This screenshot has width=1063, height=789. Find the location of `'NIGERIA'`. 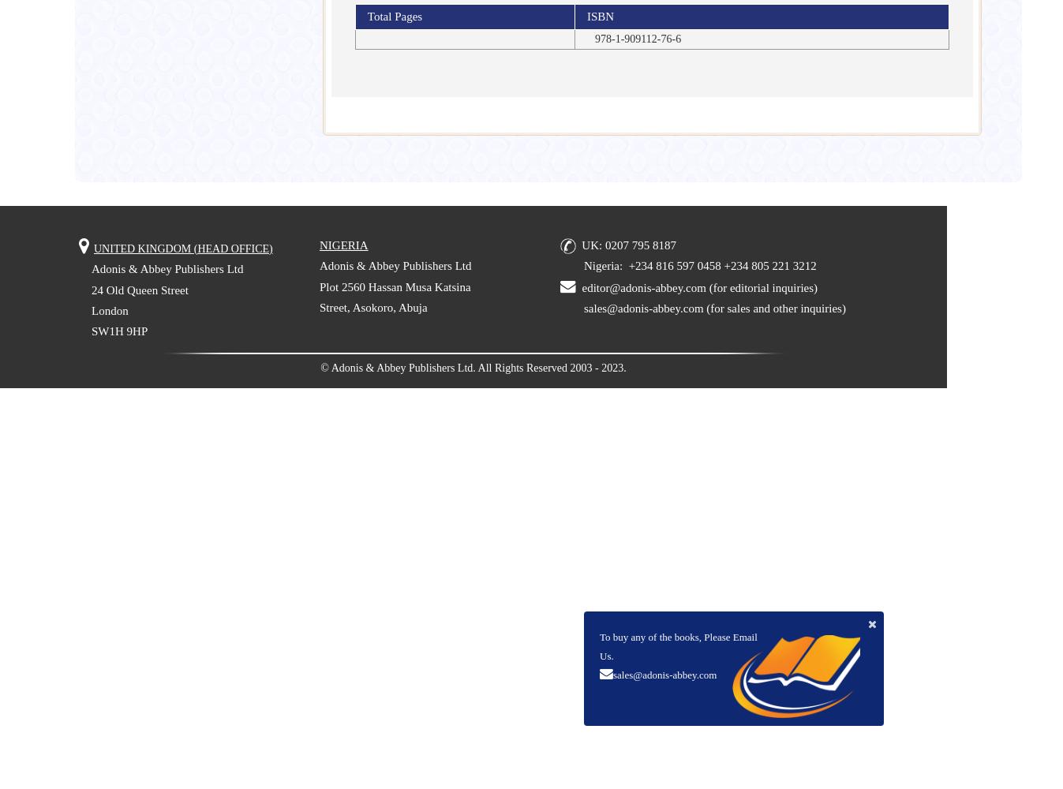

'NIGERIA' is located at coordinates (343, 245).